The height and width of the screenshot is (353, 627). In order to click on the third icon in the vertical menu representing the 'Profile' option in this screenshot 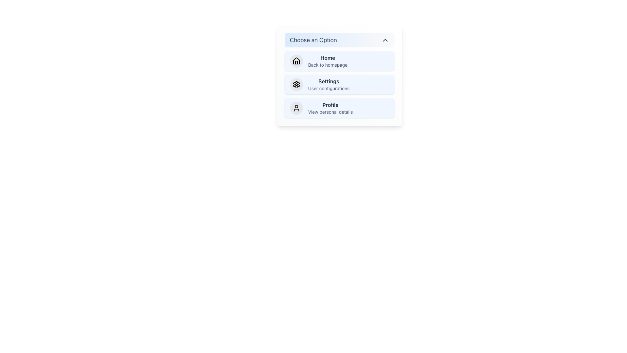, I will do `click(296, 108)`.